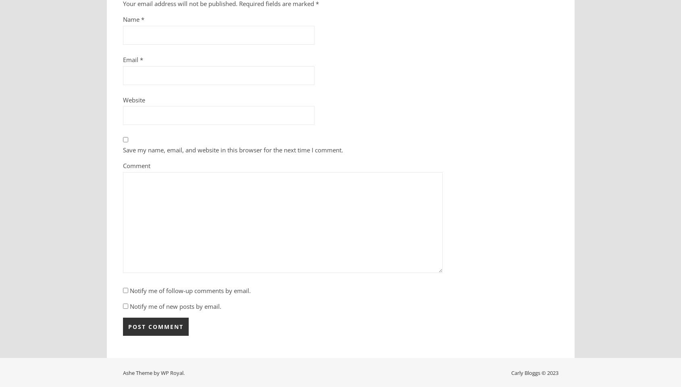 Image resolution: width=681 pixels, height=387 pixels. I want to click on 'WP Royal', so click(171, 372).